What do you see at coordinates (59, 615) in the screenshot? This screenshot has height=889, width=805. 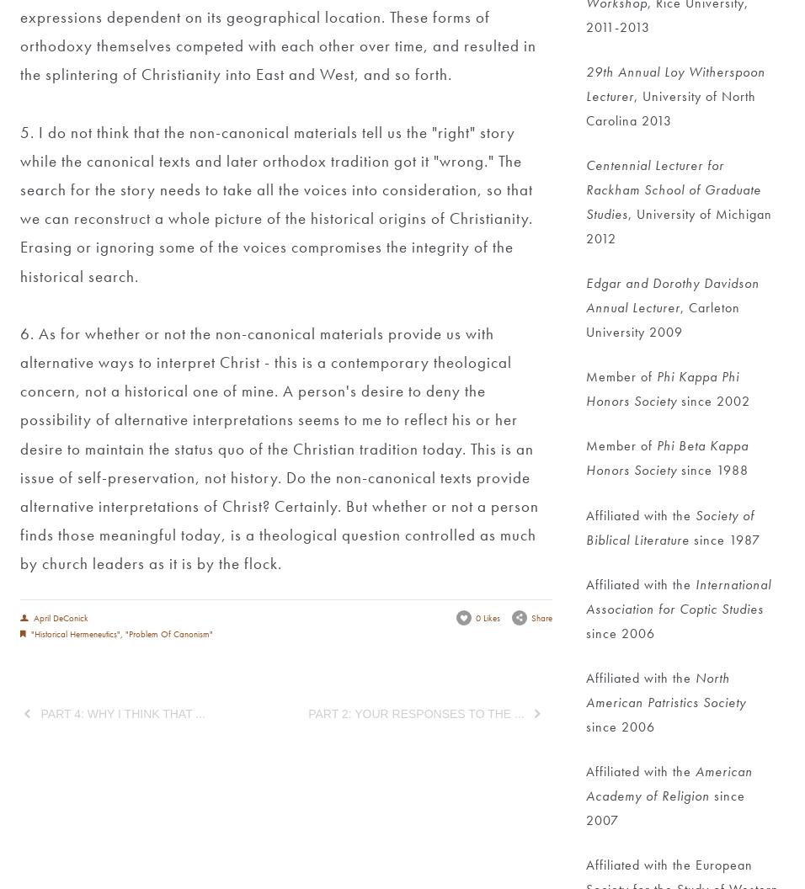 I see `'April DeConick'` at bounding box center [59, 615].